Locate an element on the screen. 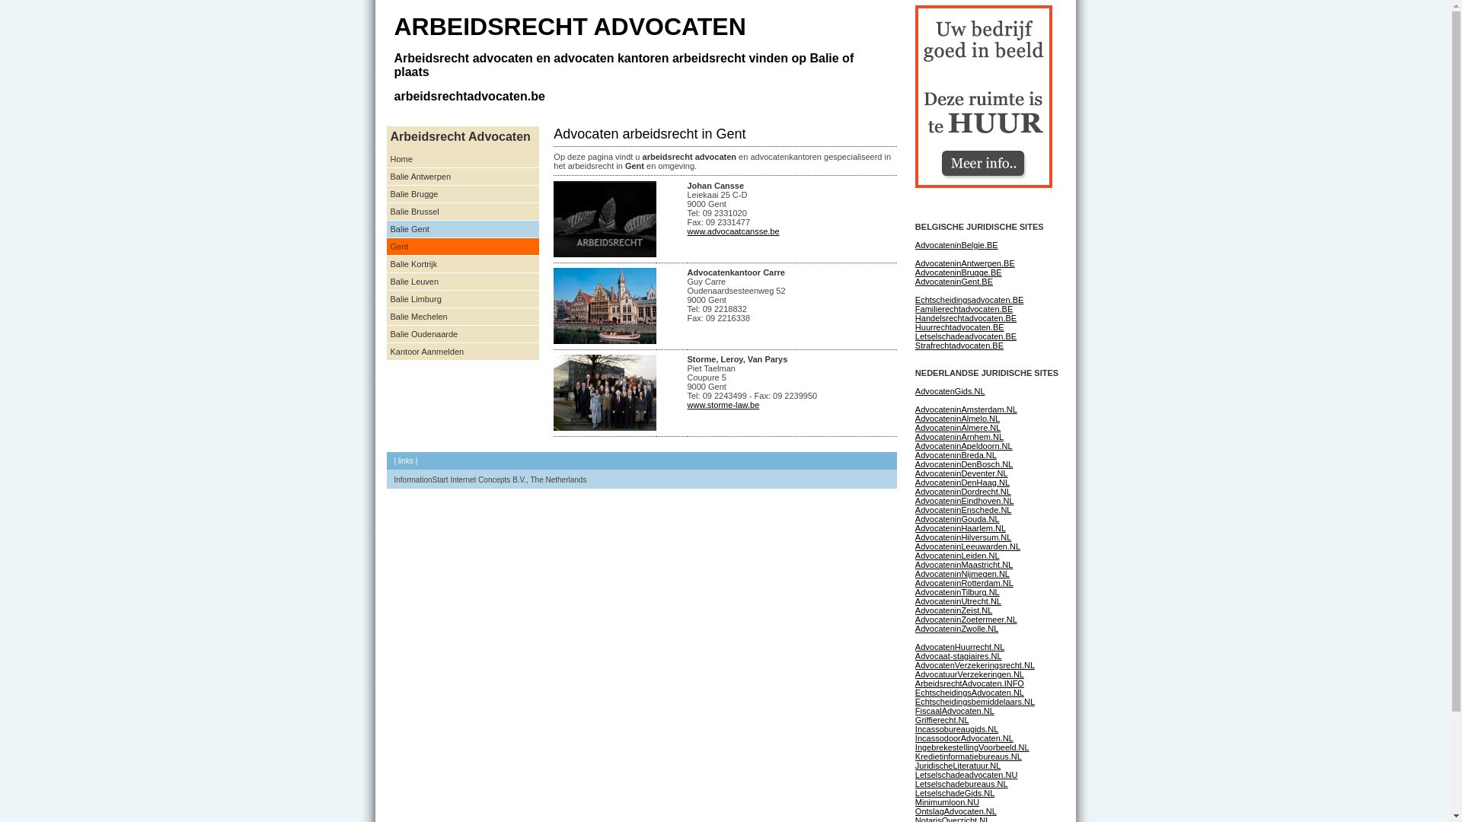 This screenshot has width=1462, height=822. 'AdvocateninLeiden.NL' is located at coordinates (956, 555).